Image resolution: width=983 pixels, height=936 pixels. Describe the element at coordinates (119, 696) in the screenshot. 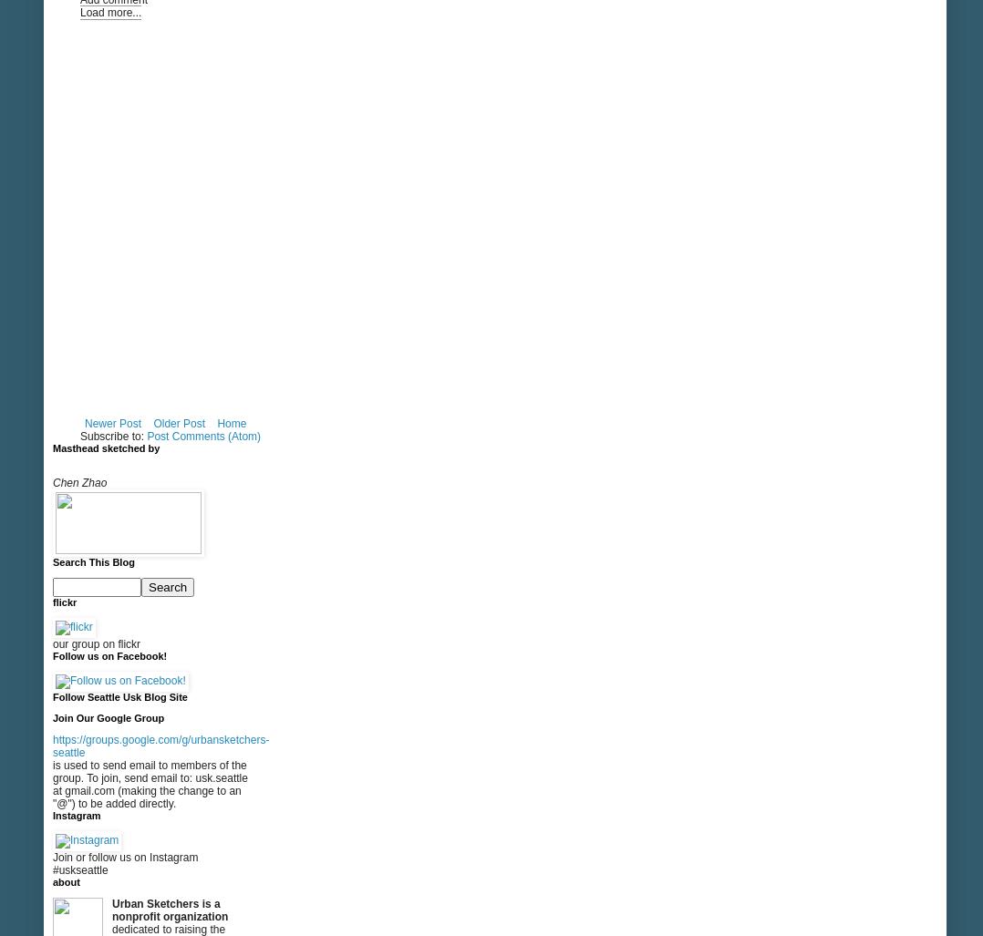

I see `'Follow Seattle Usk Blog Site'` at that location.